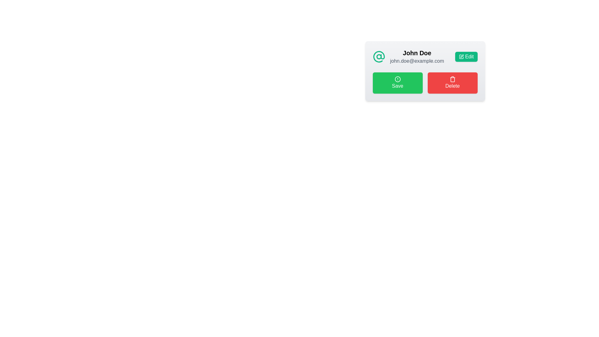 Image resolution: width=599 pixels, height=337 pixels. What do you see at coordinates (397, 79) in the screenshot?
I see `the alert icon located centrally within the 'Save' button, which is positioned in the lower-left part of the user card component in the upper-right region of the interface` at bounding box center [397, 79].